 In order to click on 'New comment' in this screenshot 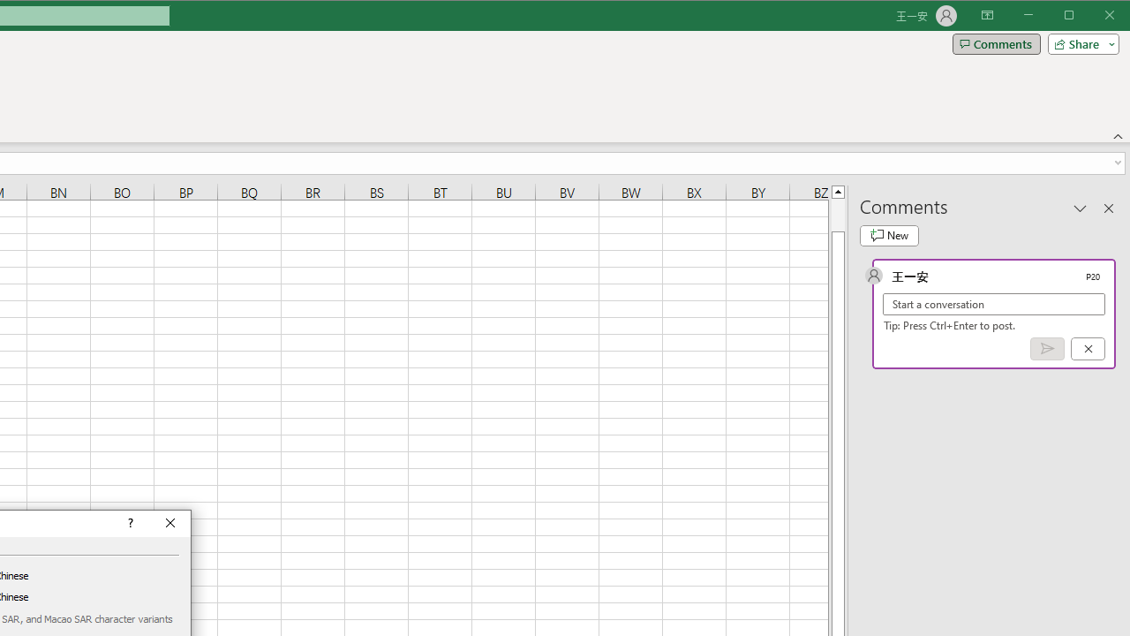, I will do `click(889, 235)`.